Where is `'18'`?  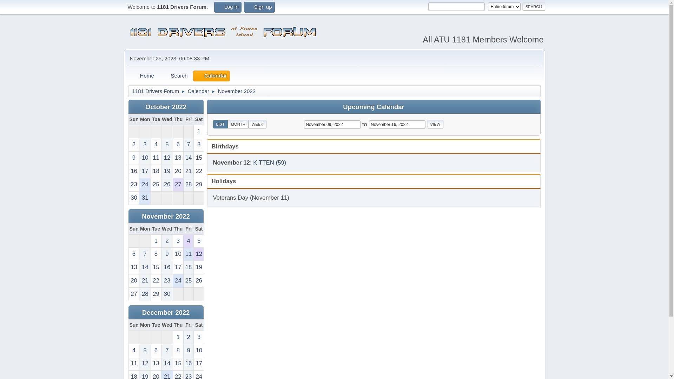 '18' is located at coordinates (156, 171).